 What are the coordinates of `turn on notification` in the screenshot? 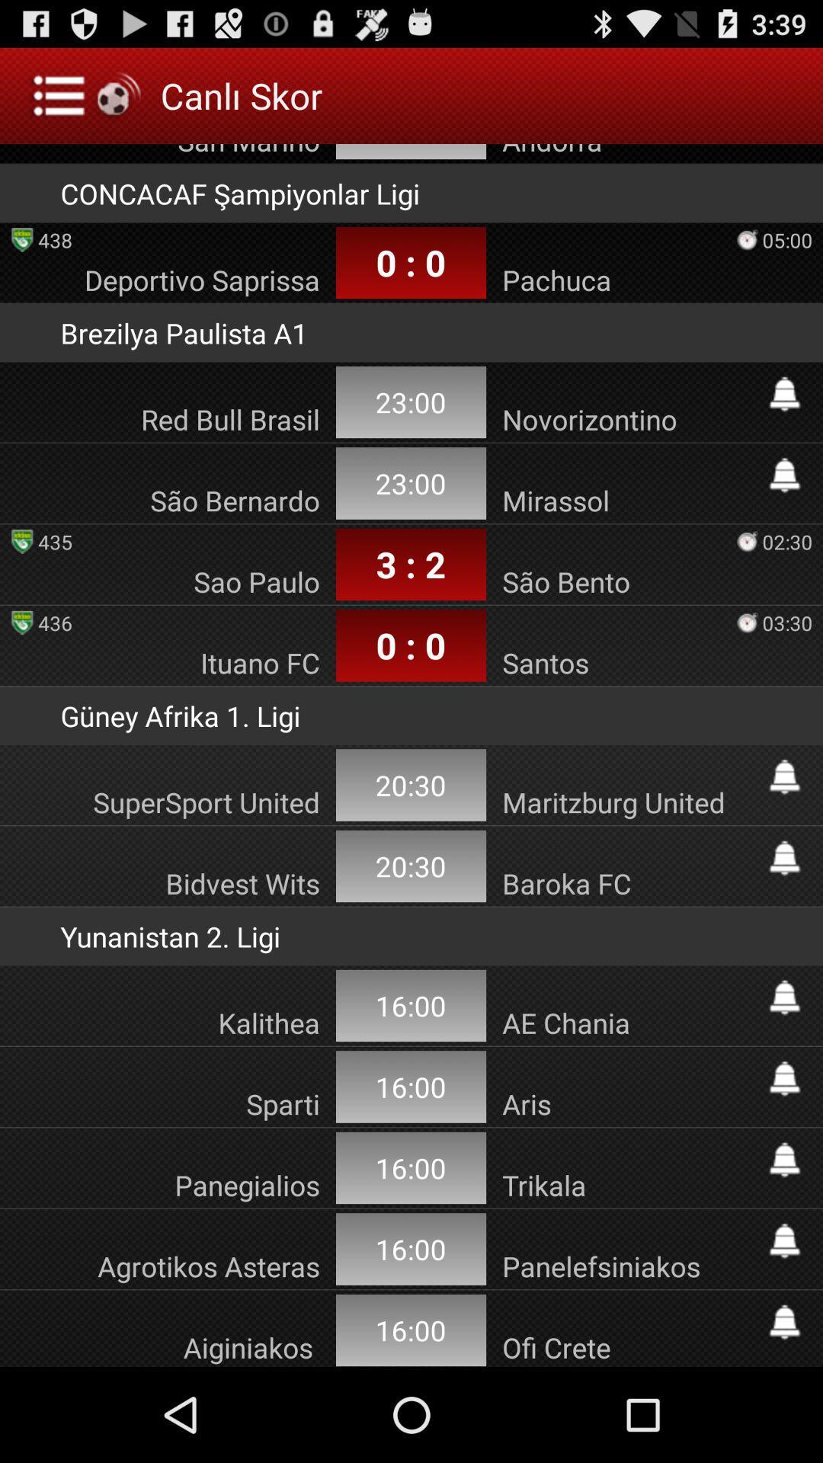 It's located at (784, 1078).